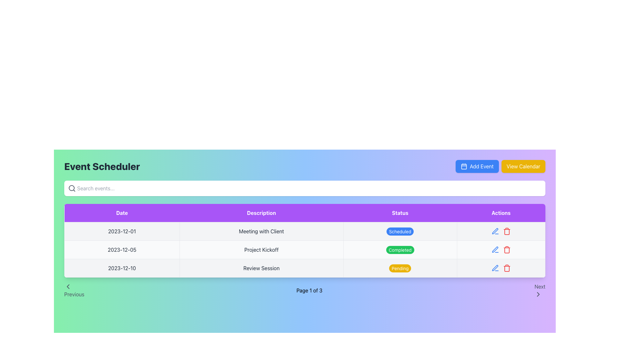 Image resolution: width=620 pixels, height=349 pixels. Describe the element at coordinates (71, 188) in the screenshot. I see `the circular lens portion of the magnifying glass icon in the search bar, located just beneath the 'Event Scheduler' heading` at that location.